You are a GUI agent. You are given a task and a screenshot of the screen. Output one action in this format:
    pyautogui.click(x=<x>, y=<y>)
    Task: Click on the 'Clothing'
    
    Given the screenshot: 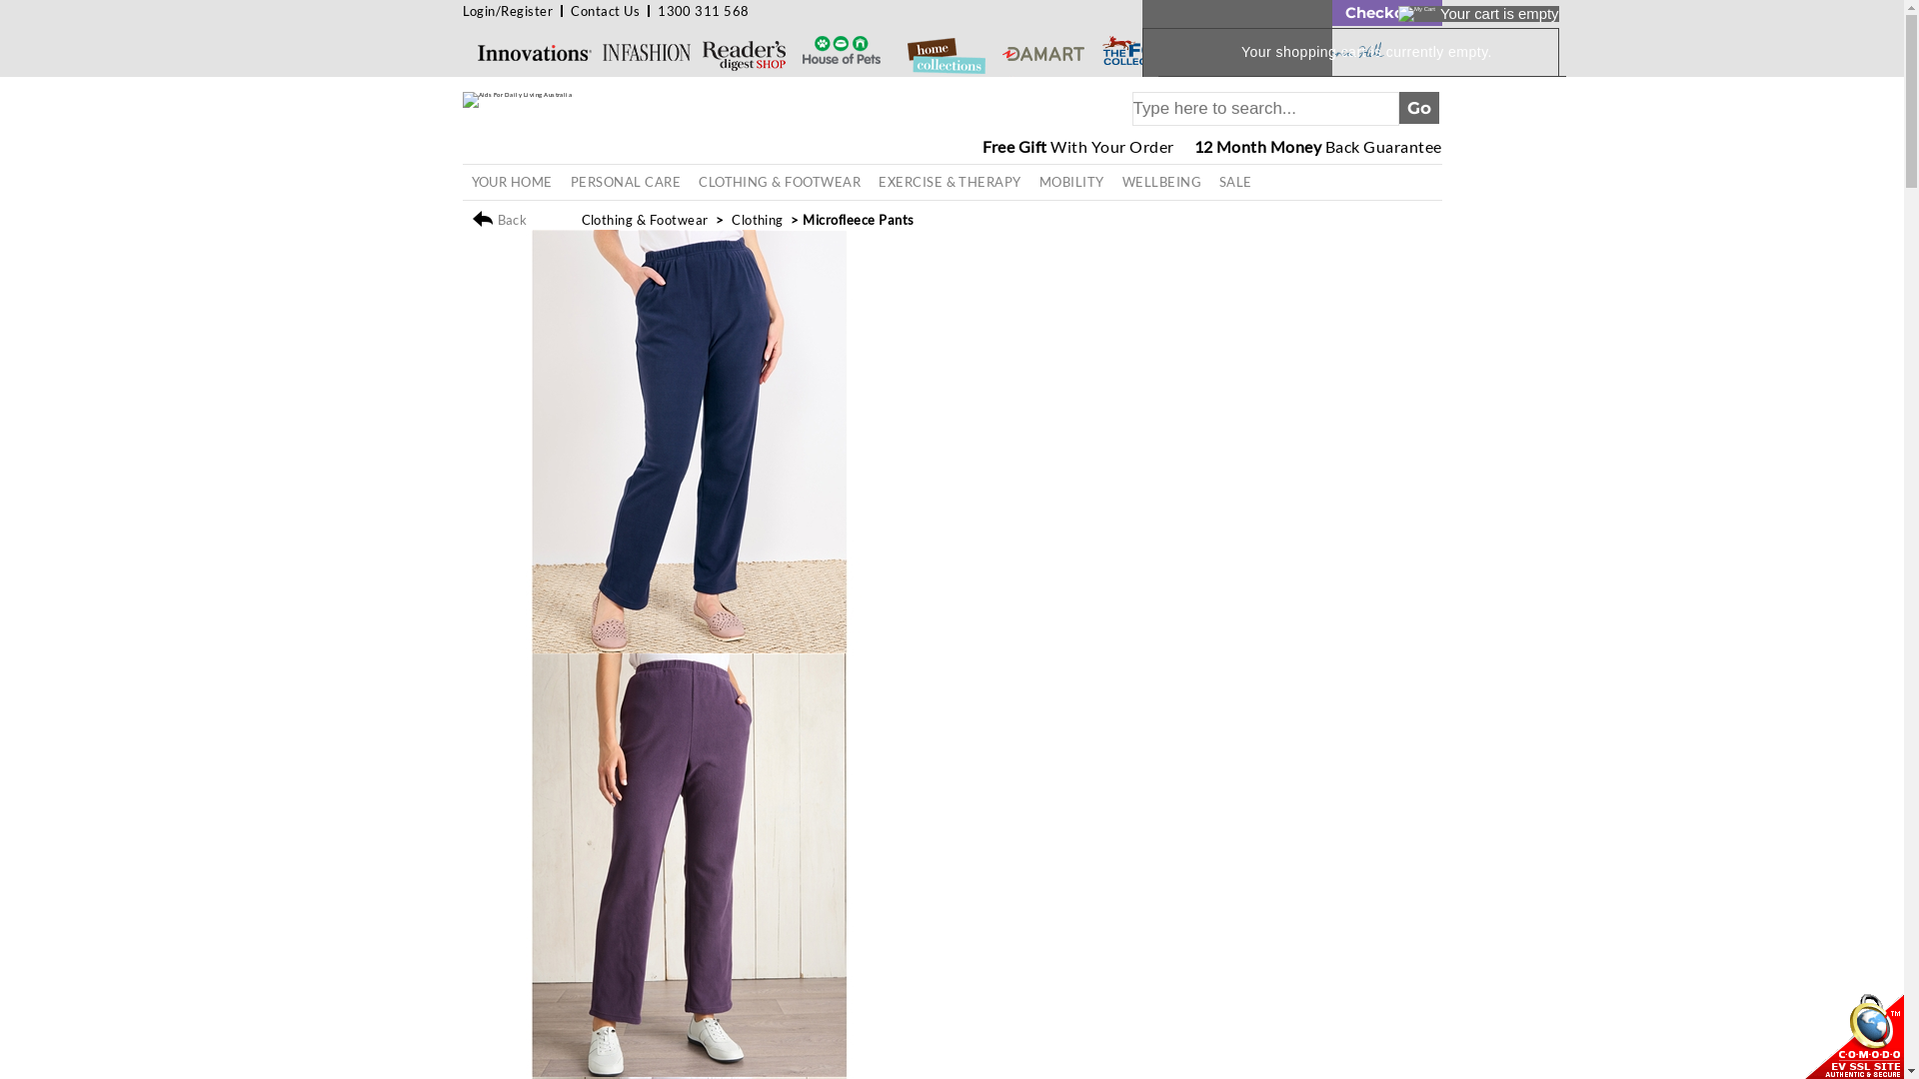 What is the action you would take?
    pyautogui.click(x=757, y=219)
    